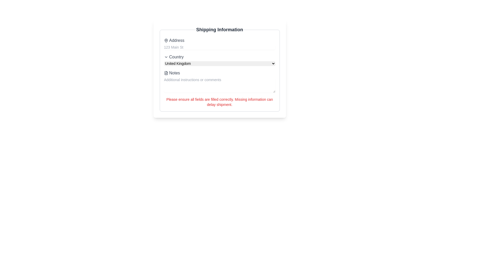 The height and width of the screenshot is (279, 497). Describe the element at coordinates (220, 81) in the screenshot. I see `the 'Notes' text input box` at that location.